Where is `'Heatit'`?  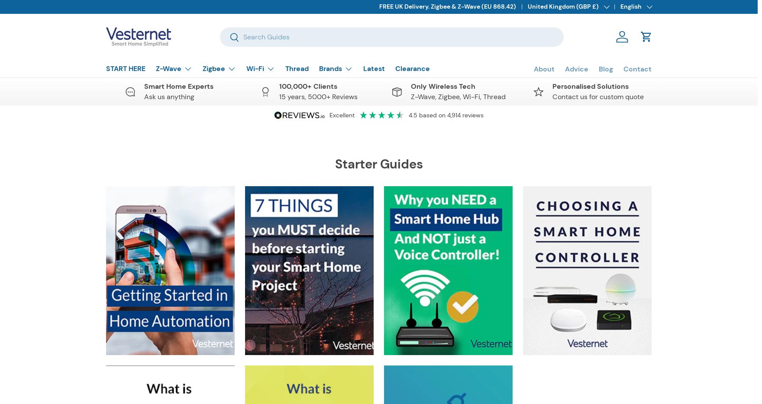
'Heatit' is located at coordinates (337, 319).